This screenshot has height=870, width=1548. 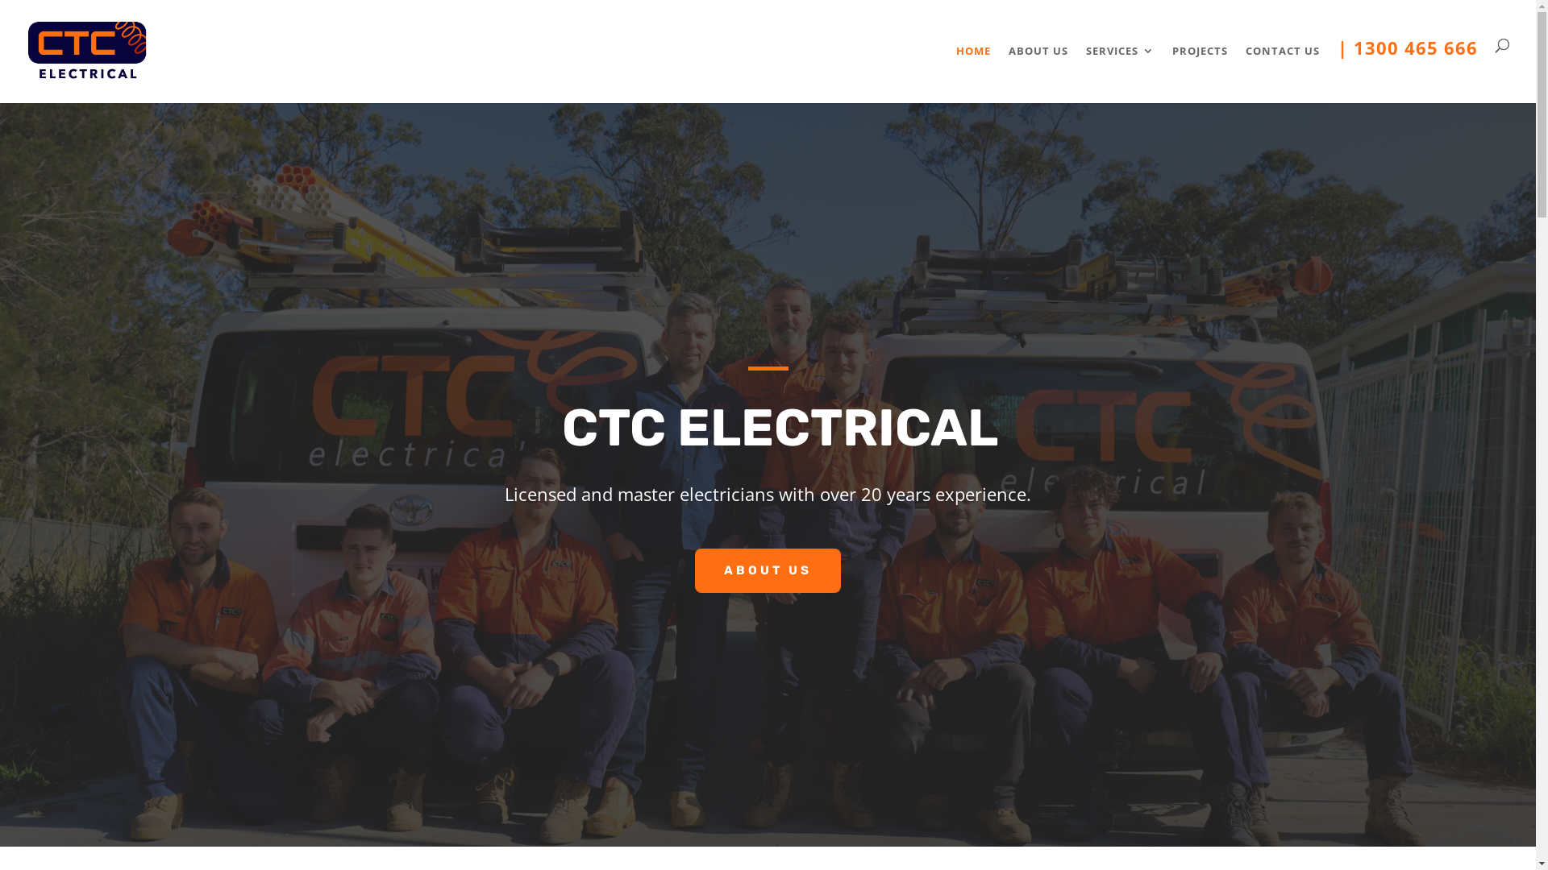 What do you see at coordinates (1172, 69) in the screenshot?
I see `'PROJECTS'` at bounding box center [1172, 69].